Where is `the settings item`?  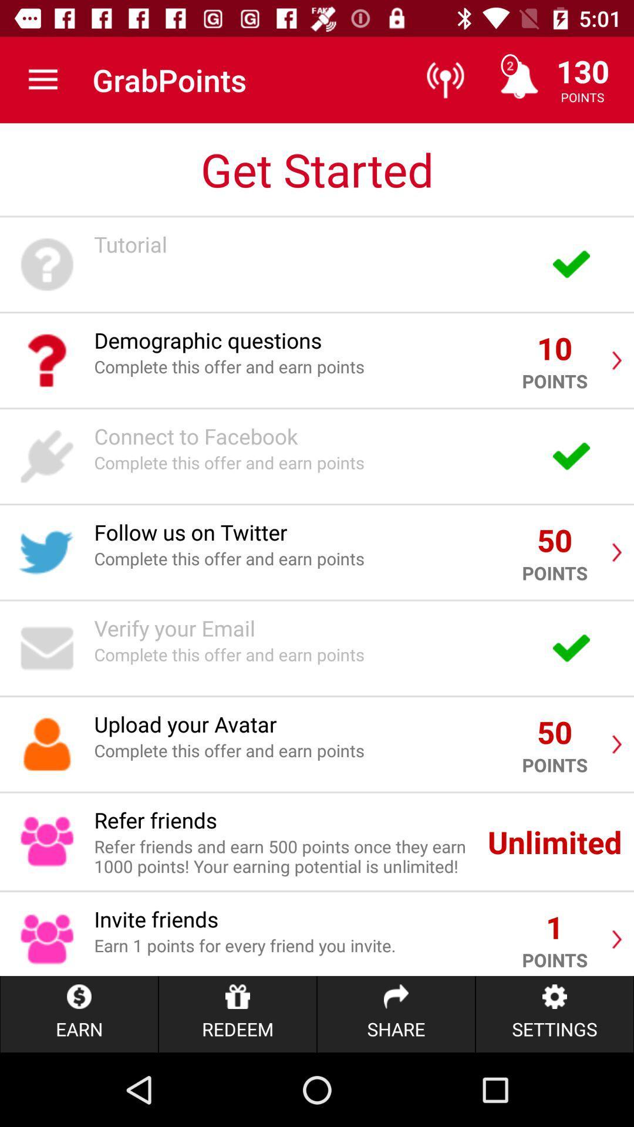
the settings item is located at coordinates (555, 1014).